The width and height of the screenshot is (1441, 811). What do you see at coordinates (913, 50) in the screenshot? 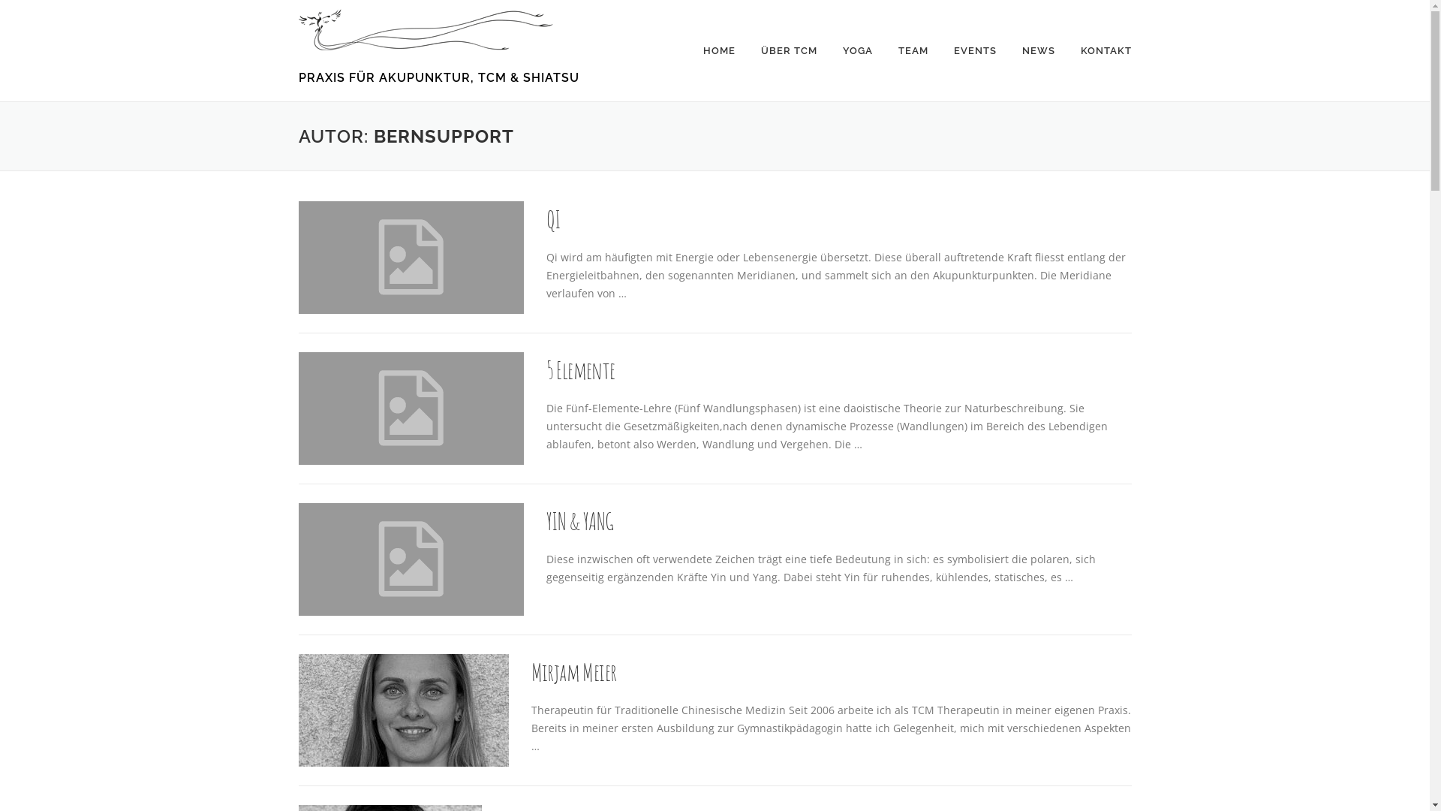
I see `'TEAM'` at bounding box center [913, 50].